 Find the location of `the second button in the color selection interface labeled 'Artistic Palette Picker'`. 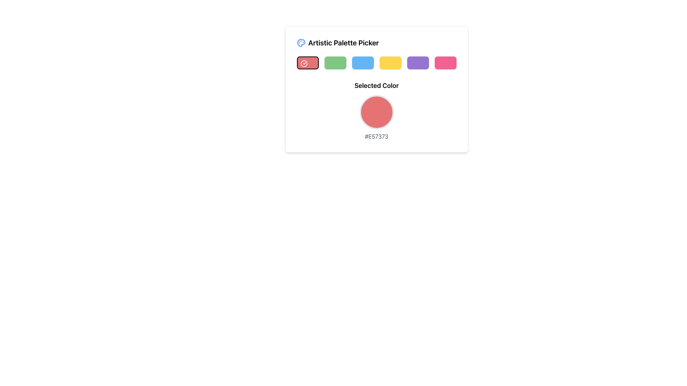

the second button in the color selection interface labeled 'Artistic Palette Picker' is located at coordinates (335, 63).